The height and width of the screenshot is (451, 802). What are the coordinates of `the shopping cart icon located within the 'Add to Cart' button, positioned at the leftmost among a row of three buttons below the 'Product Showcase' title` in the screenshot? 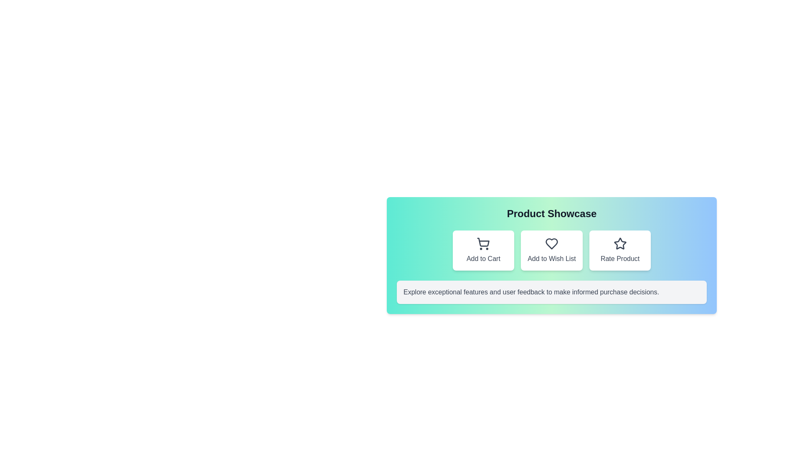 It's located at (483, 243).